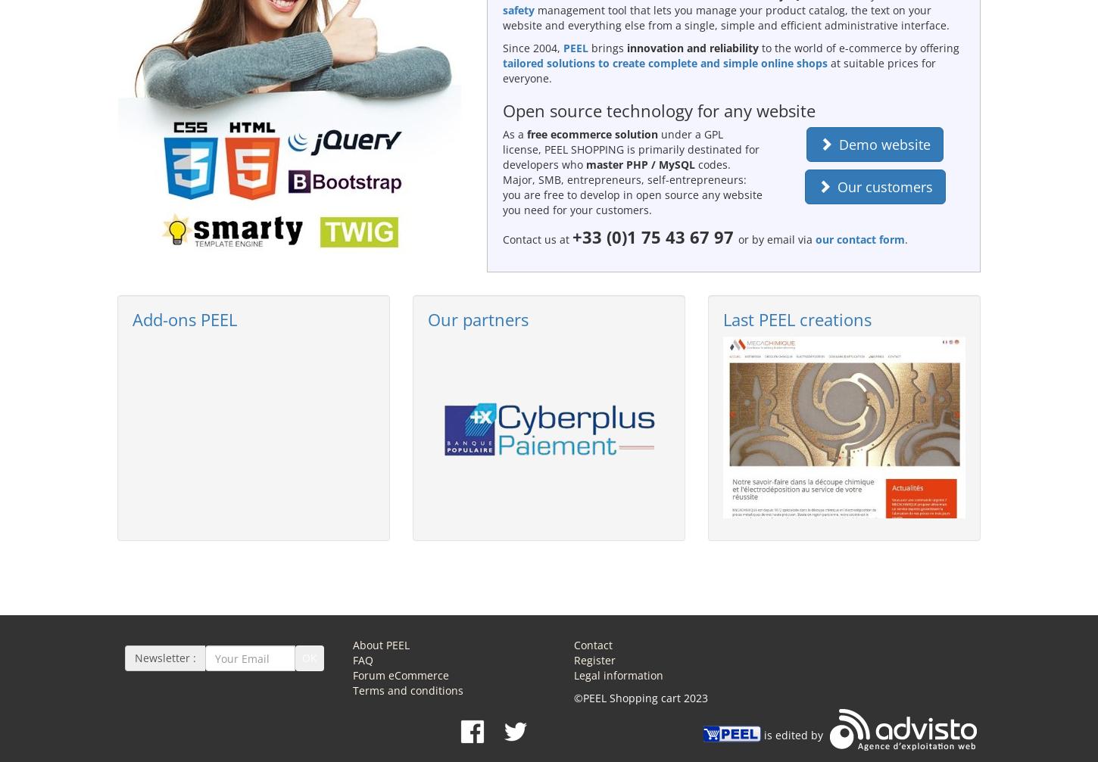 This screenshot has width=1098, height=762. I want to click on 'to the world of e-commerce by offering', so click(757, 47).